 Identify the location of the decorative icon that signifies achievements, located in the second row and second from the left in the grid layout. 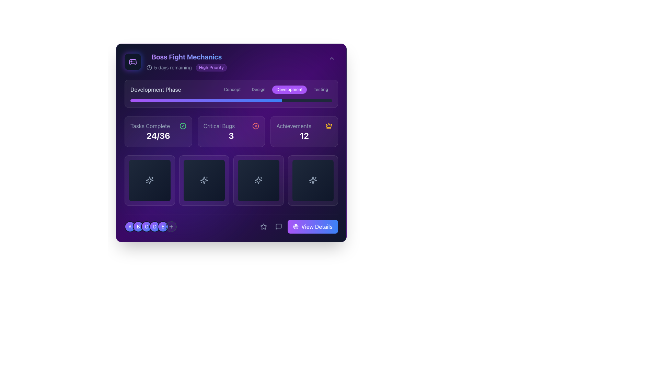
(149, 180).